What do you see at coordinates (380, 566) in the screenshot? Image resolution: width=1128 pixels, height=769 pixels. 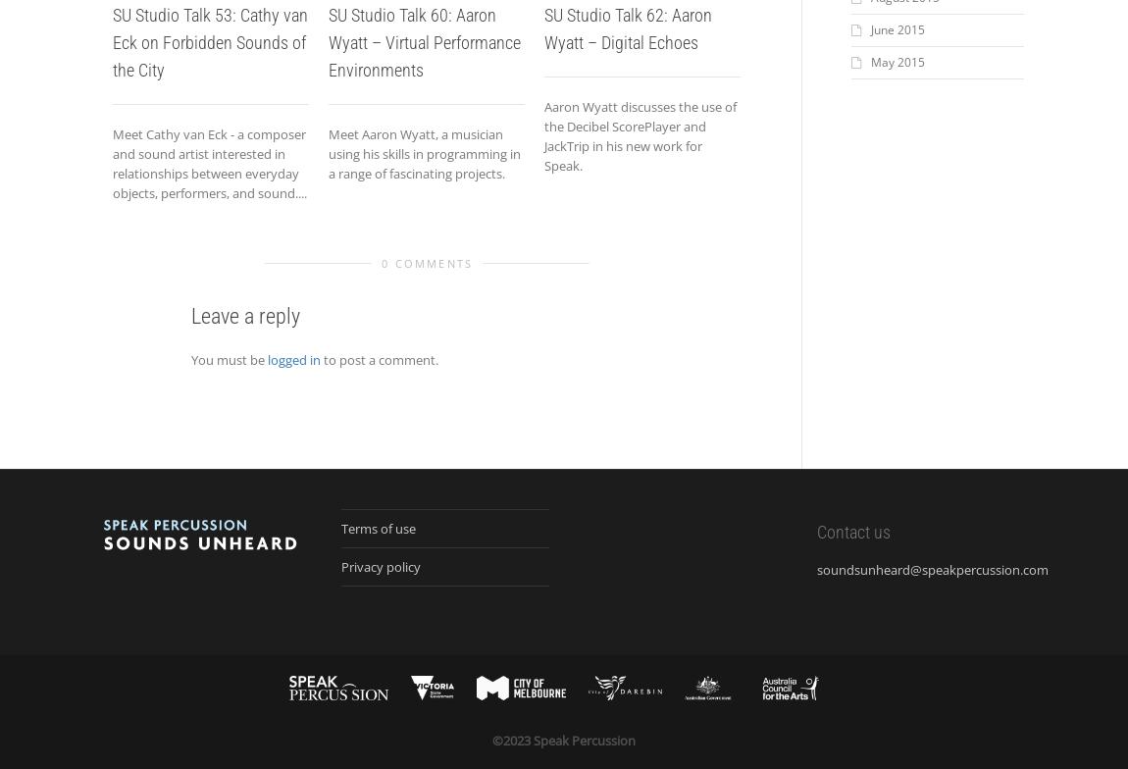 I see `'Privacy policy'` at bounding box center [380, 566].